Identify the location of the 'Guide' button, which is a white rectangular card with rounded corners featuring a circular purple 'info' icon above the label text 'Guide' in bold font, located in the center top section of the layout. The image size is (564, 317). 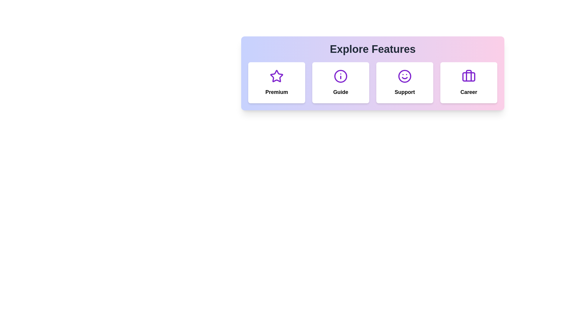
(341, 82).